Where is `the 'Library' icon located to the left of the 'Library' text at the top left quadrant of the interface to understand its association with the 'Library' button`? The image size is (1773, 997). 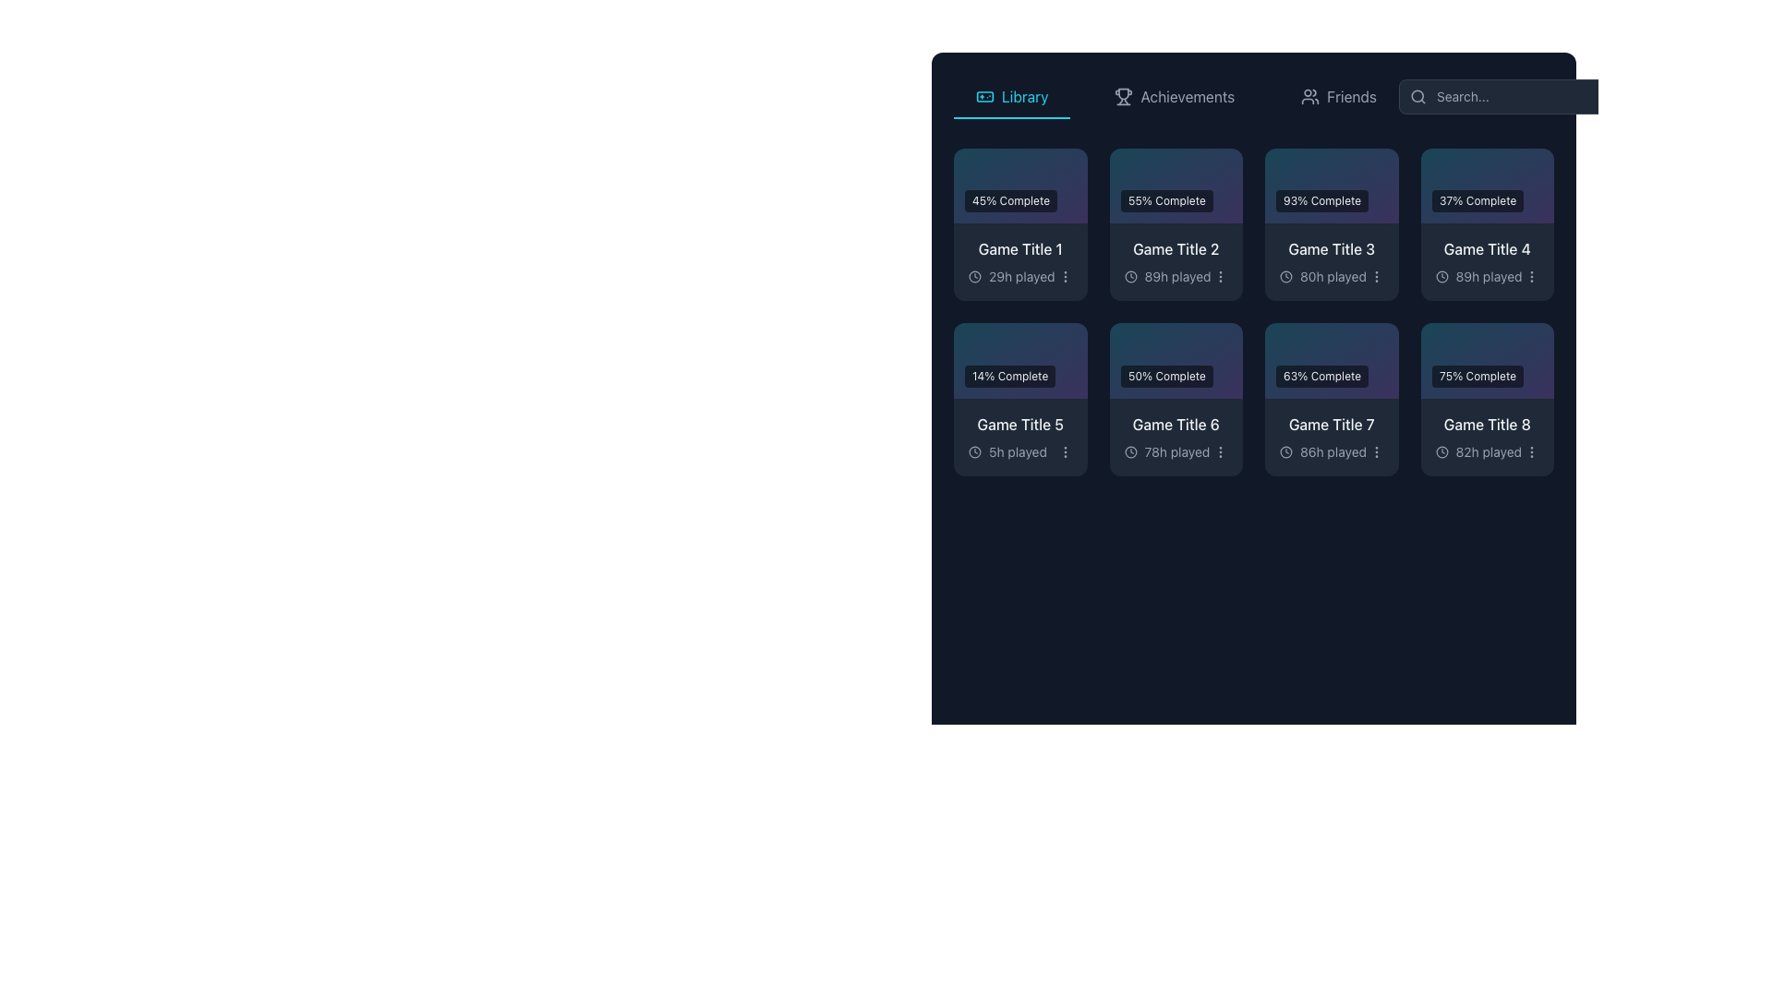
the 'Library' icon located to the left of the 'Library' text at the top left quadrant of the interface to understand its association with the 'Library' button is located at coordinates (983, 96).